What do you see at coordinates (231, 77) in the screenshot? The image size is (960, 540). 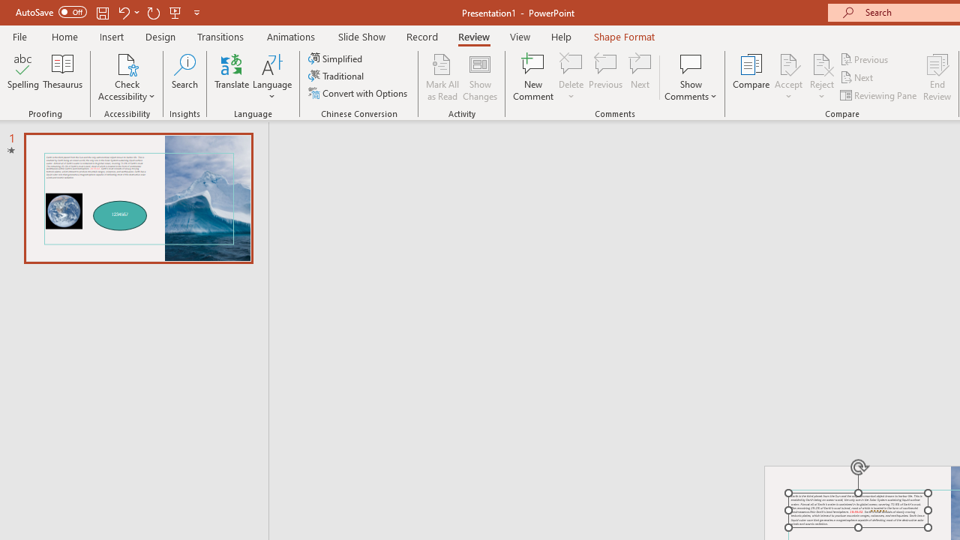 I see `'Translate'` at bounding box center [231, 77].